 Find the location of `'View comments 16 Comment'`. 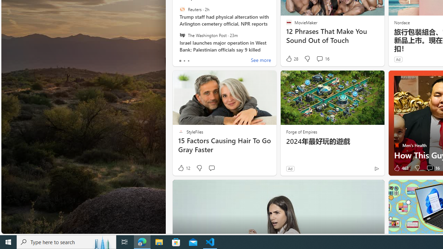

'View comments 16 Comment' is located at coordinates (429, 168).